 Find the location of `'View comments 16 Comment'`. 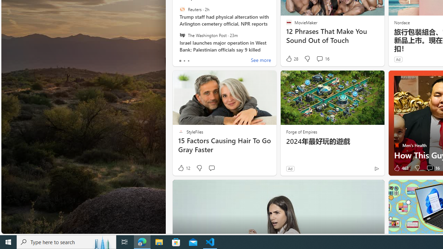

'View comments 16 Comment' is located at coordinates (429, 168).